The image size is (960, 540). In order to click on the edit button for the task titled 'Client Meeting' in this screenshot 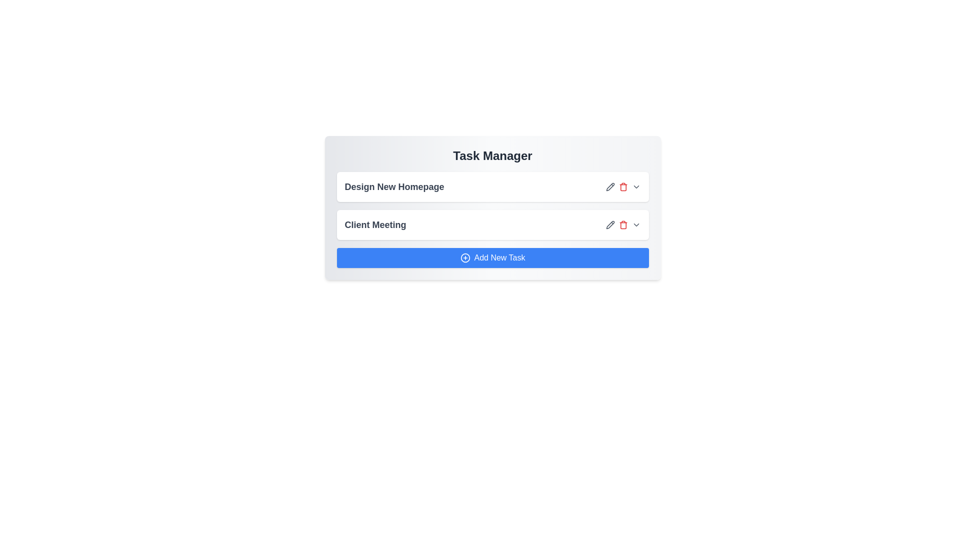, I will do `click(609, 225)`.